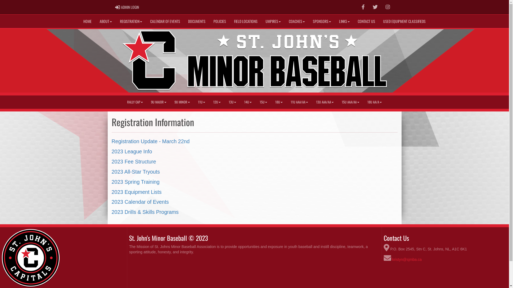  What do you see at coordinates (407, 259) in the screenshot?
I see `'kristyn@sjmba.ca'` at bounding box center [407, 259].